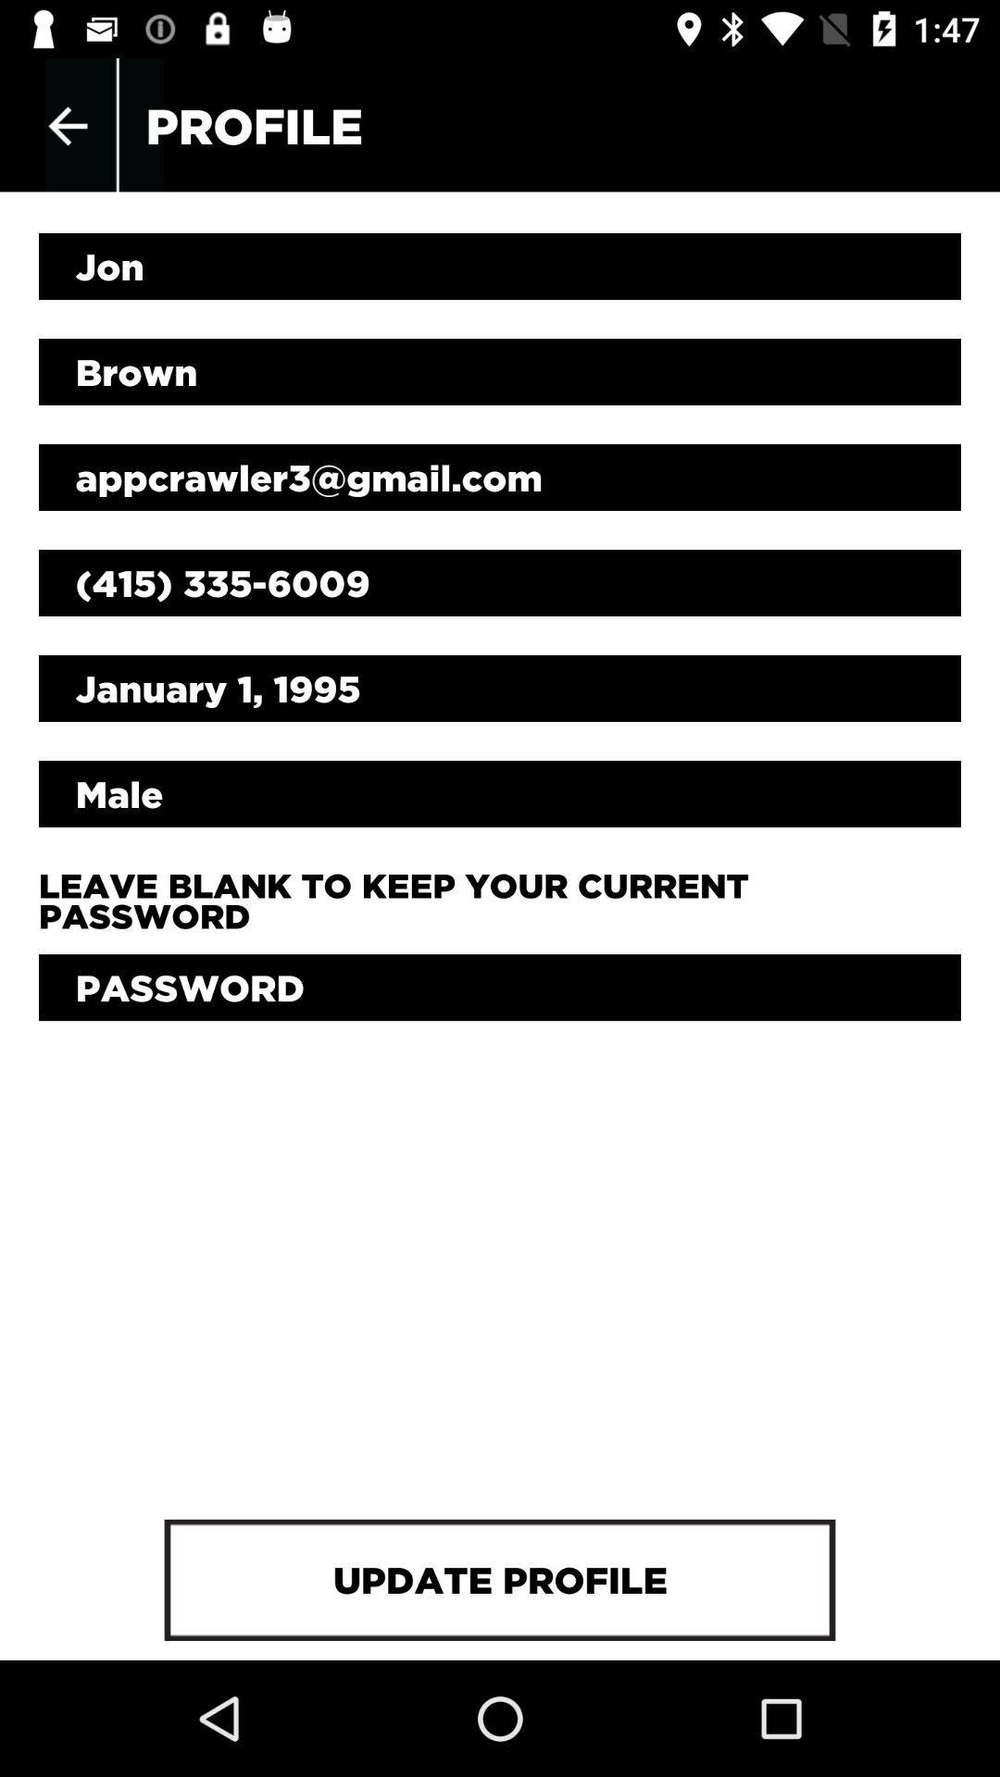  I want to click on the (415) 335-6009, so click(500, 581).